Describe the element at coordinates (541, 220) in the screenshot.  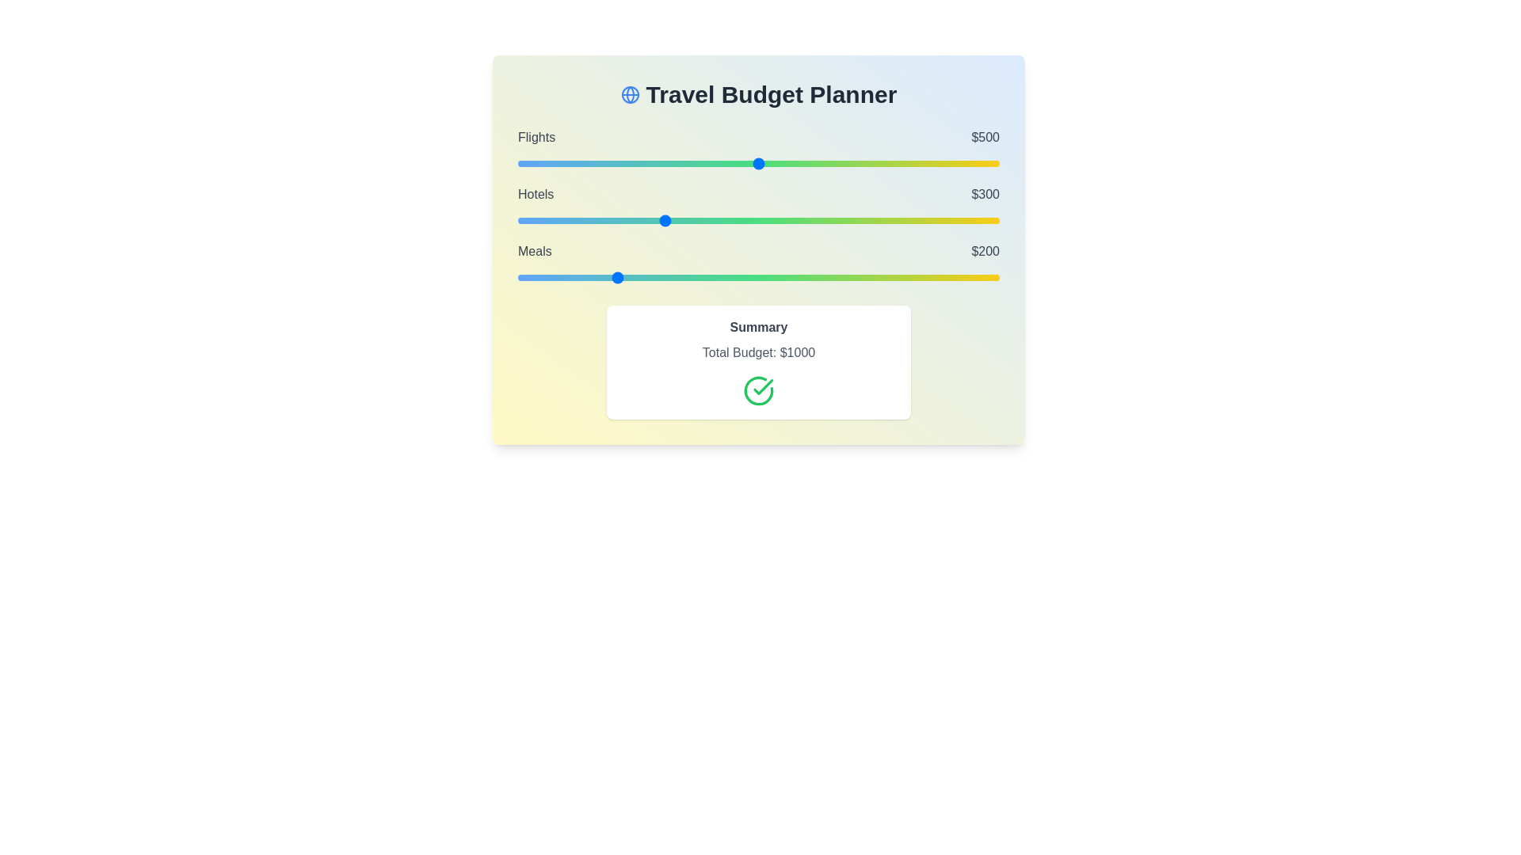
I see `the 'Hotels' slider to 49` at that location.